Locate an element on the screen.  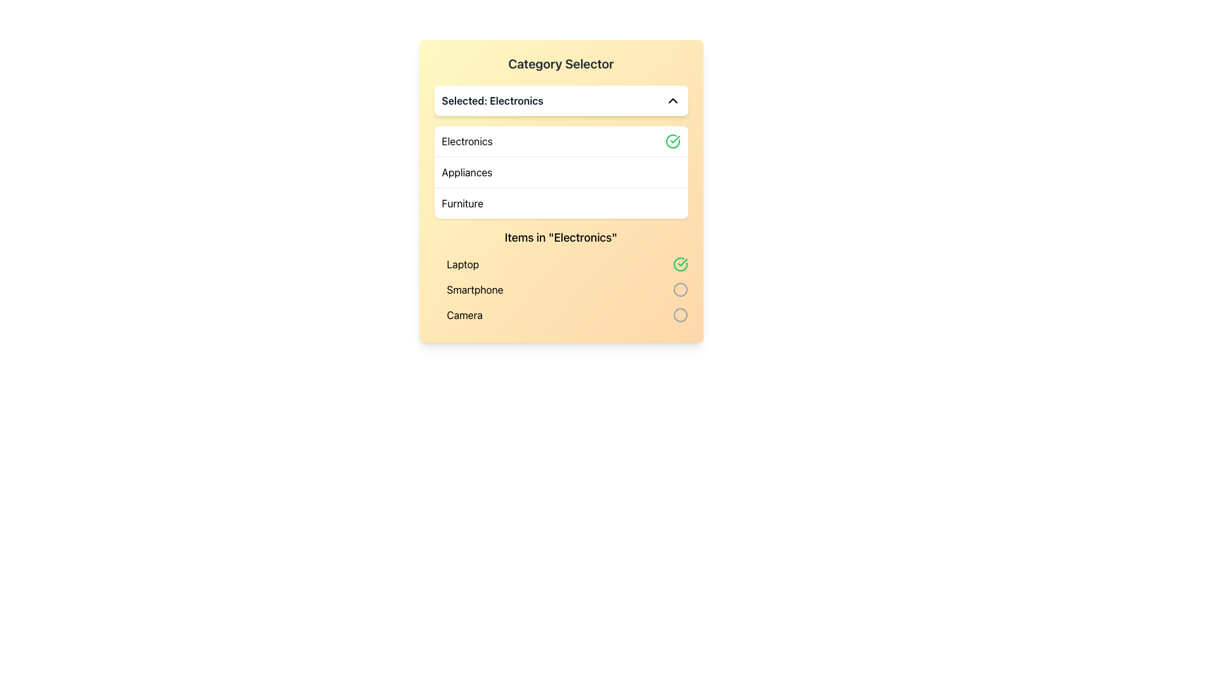
the first item in the dropdown menu is located at coordinates (560, 141).